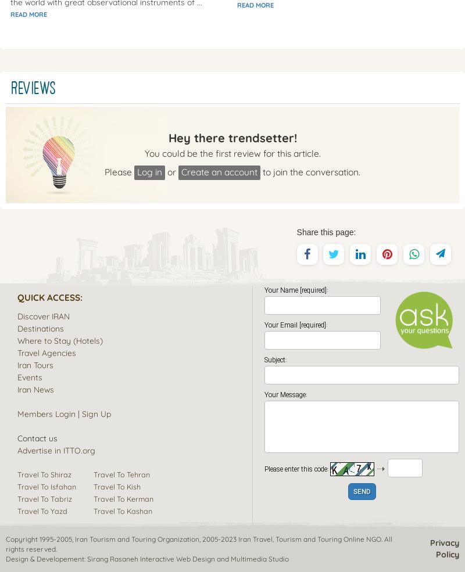 The image size is (465, 572). Describe the element at coordinates (41, 328) in the screenshot. I see `'Destinations'` at that location.